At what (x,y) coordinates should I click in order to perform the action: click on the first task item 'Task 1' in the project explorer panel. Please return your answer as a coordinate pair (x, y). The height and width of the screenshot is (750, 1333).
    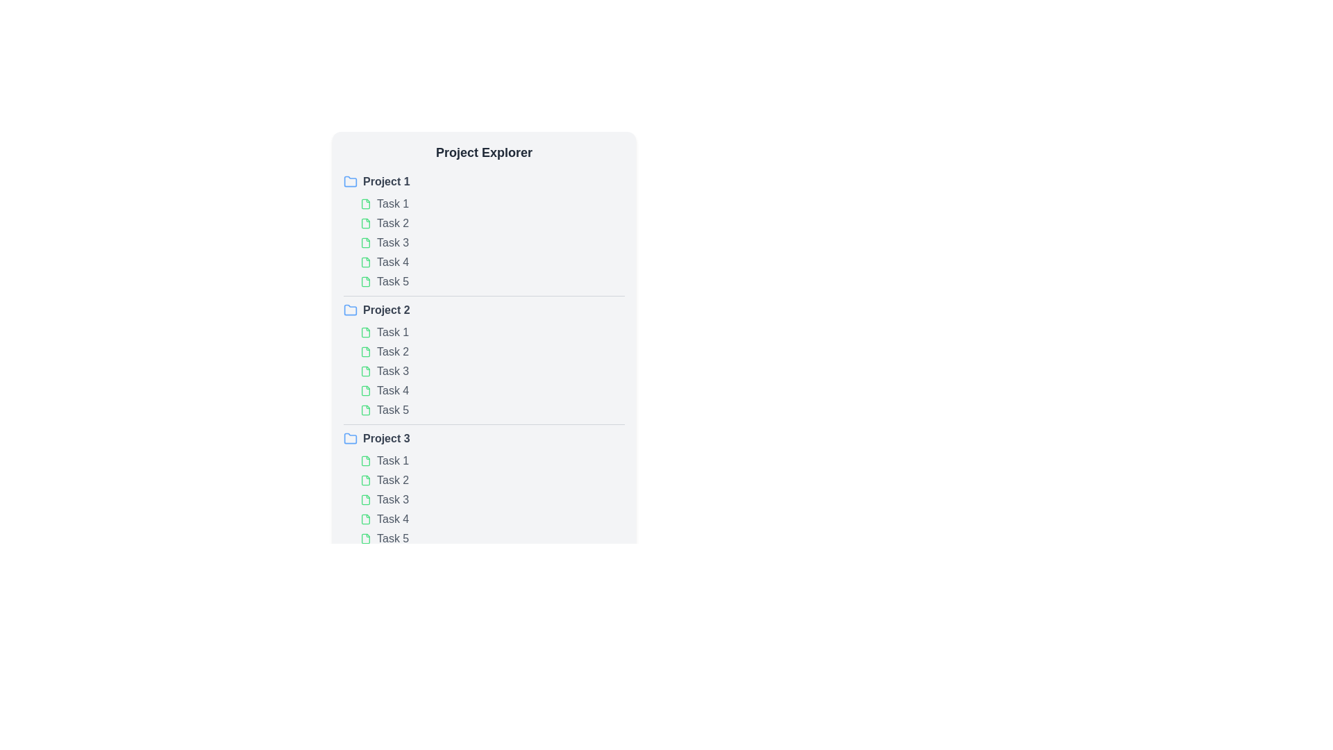
    Looking at the image, I should click on (492, 203).